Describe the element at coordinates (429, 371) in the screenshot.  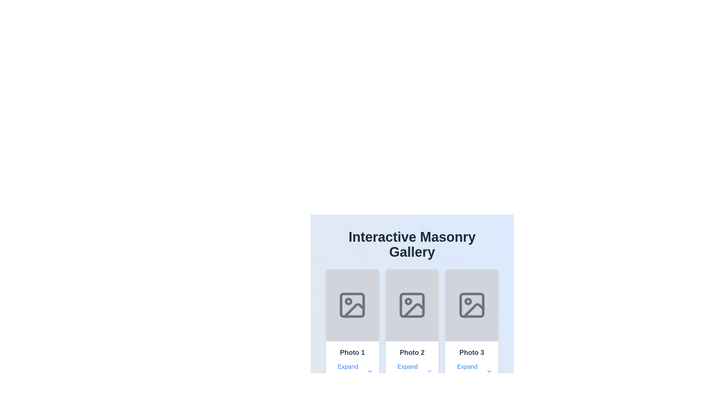
I see `the downward-facing chevron icon in the 'Expand Details' section associated with the second photo` at that location.